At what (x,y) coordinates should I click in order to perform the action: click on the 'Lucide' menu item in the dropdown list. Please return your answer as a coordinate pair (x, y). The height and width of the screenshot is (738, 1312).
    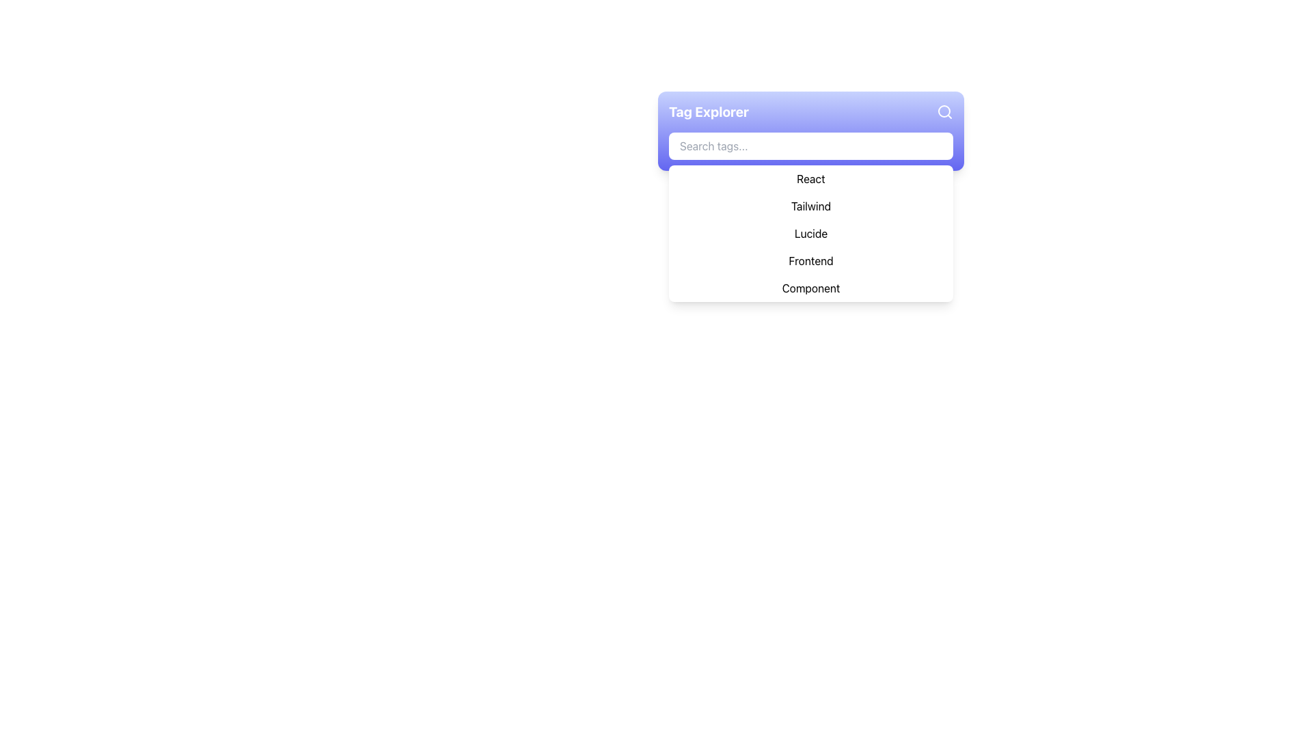
    Looking at the image, I should click on (810, 233).